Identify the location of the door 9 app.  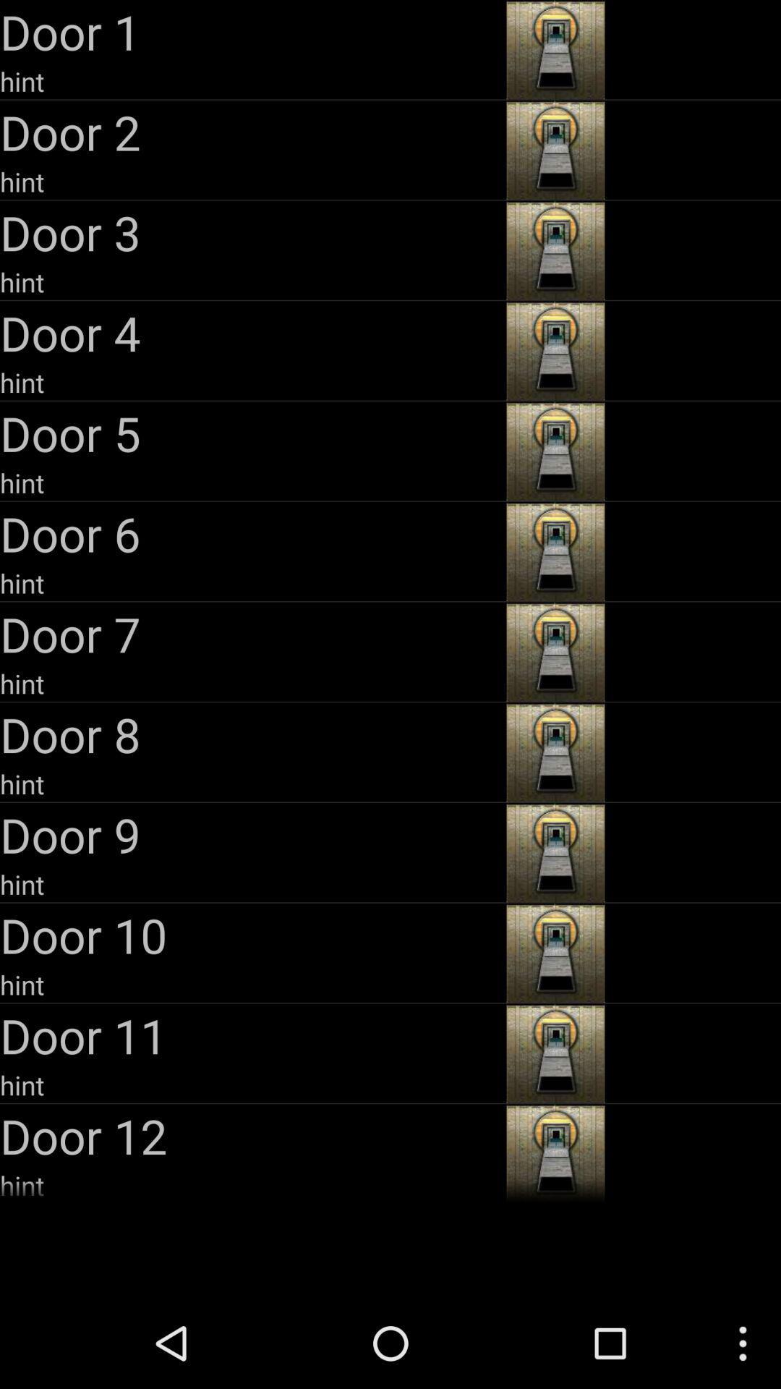
(250, 834).